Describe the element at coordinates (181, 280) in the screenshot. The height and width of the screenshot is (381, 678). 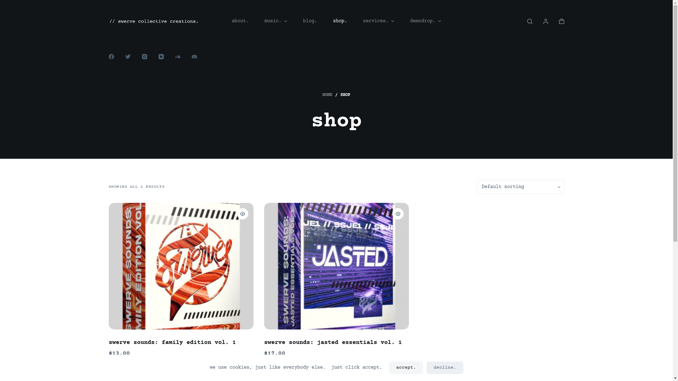
I see `'swerve sounds: family edition vol. 1` at that location.